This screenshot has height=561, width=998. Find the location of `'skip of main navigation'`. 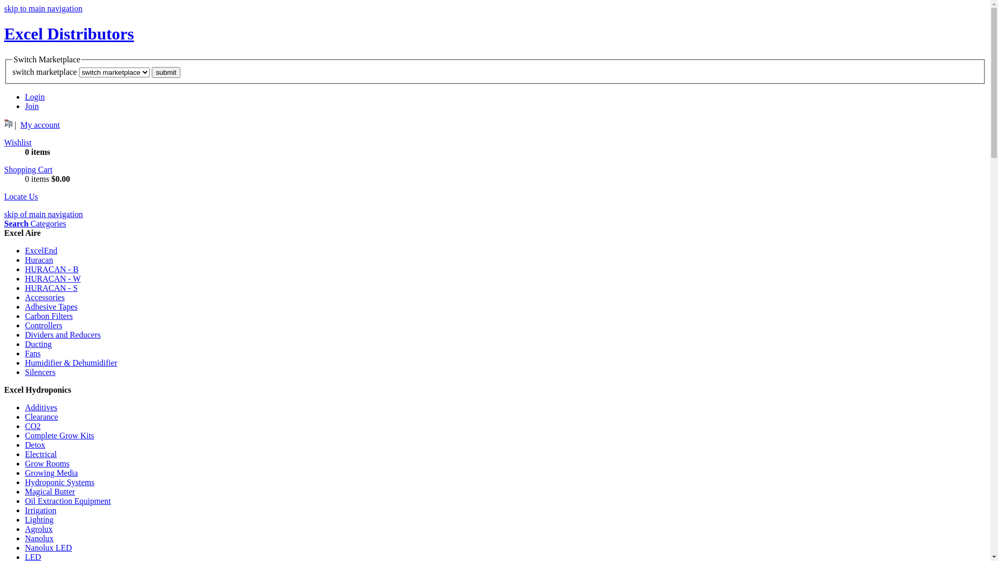

'skip of main navigation' is located at coordinates (43, 213).